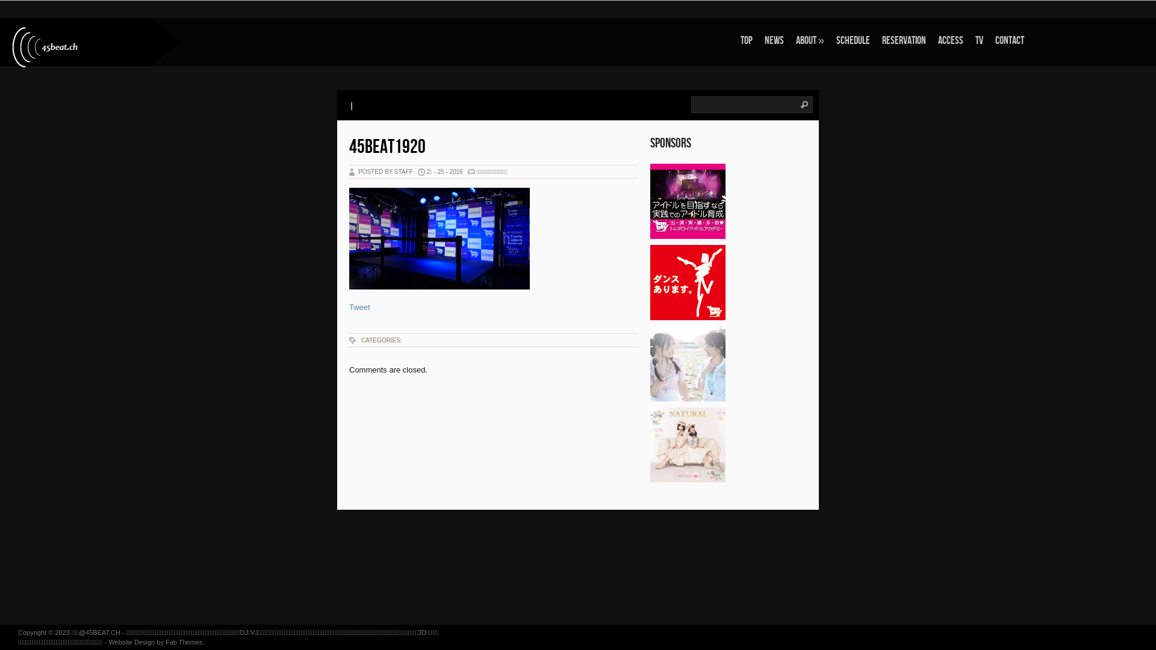  I want to click on 'TOP', so click(745, 40).